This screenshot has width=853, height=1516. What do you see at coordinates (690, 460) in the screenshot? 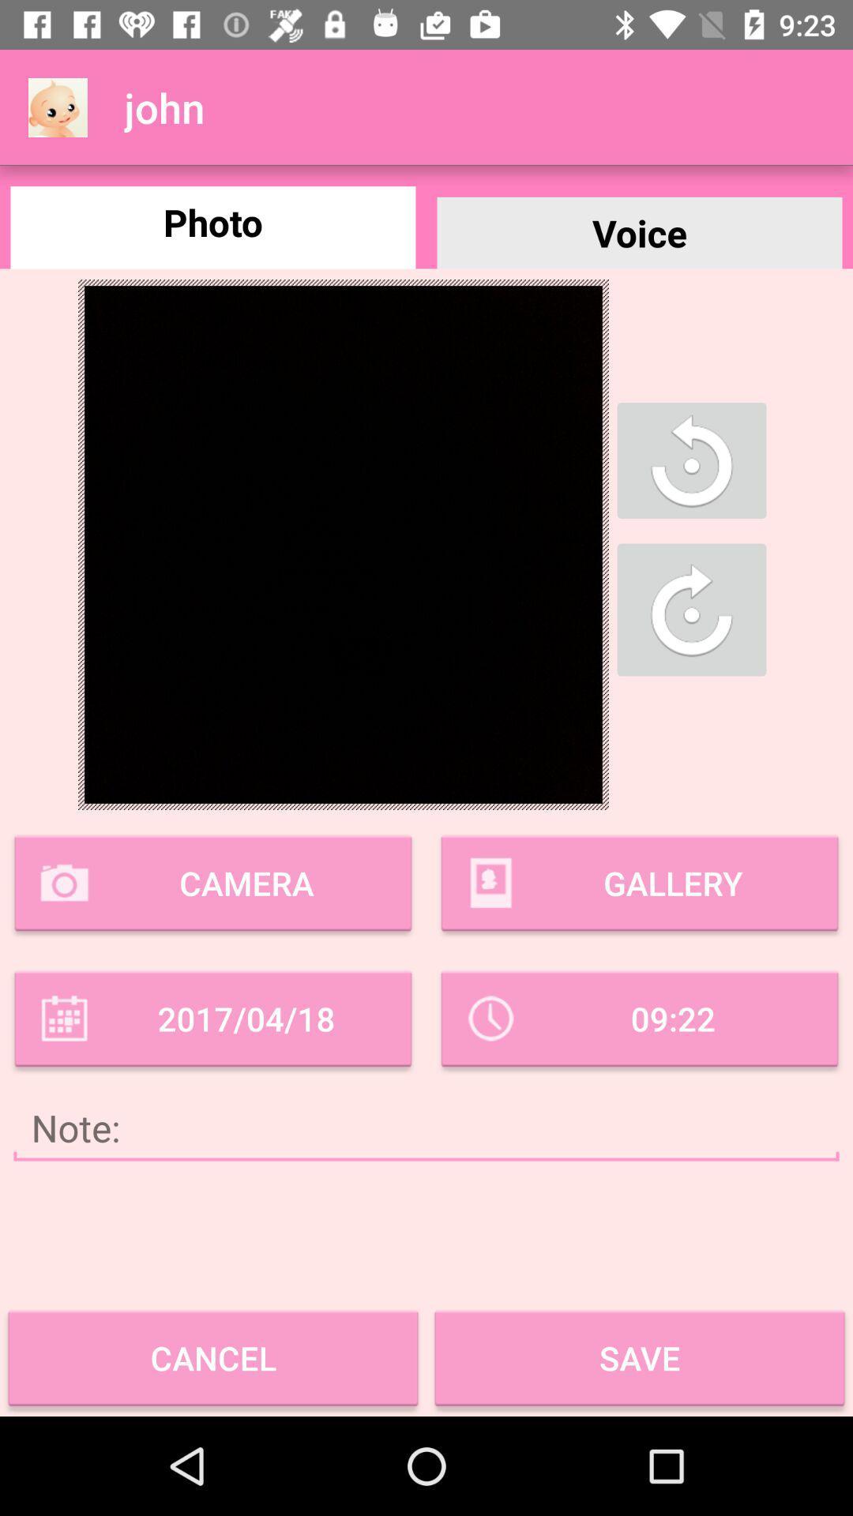
I see `undo` at bounding box center [690, 460].